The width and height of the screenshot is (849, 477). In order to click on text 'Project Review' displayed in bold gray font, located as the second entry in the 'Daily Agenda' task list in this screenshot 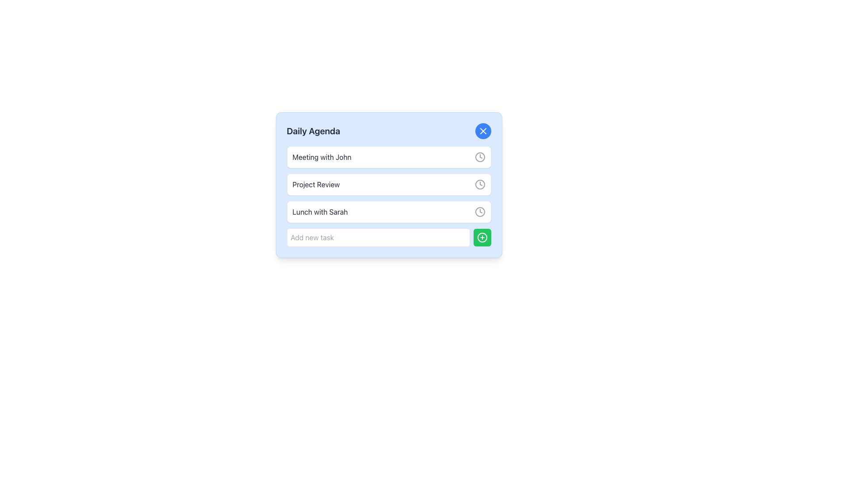, I will do `click(316, 184)`.